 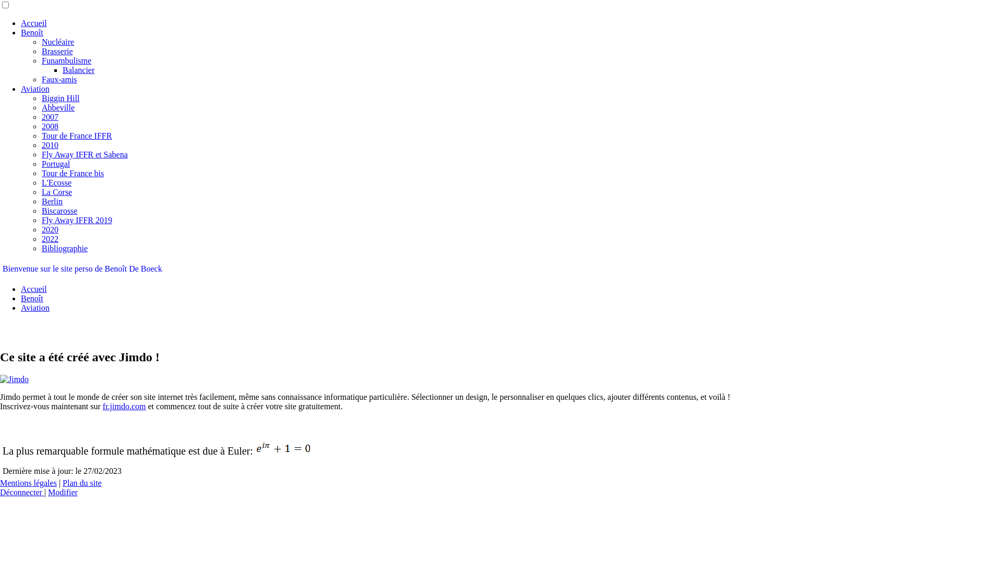 I want to click on 'Portugal', so click(x=55, y=164).